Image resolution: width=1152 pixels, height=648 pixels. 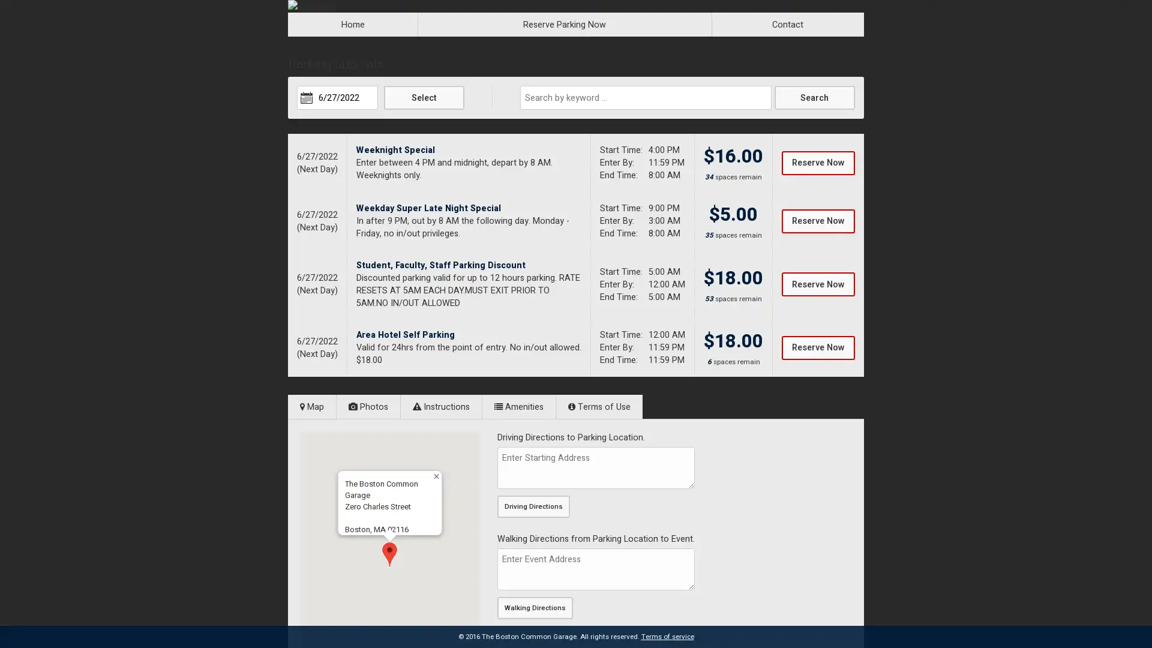 I want to click on Walking Directions, so click(x=535, y=608).